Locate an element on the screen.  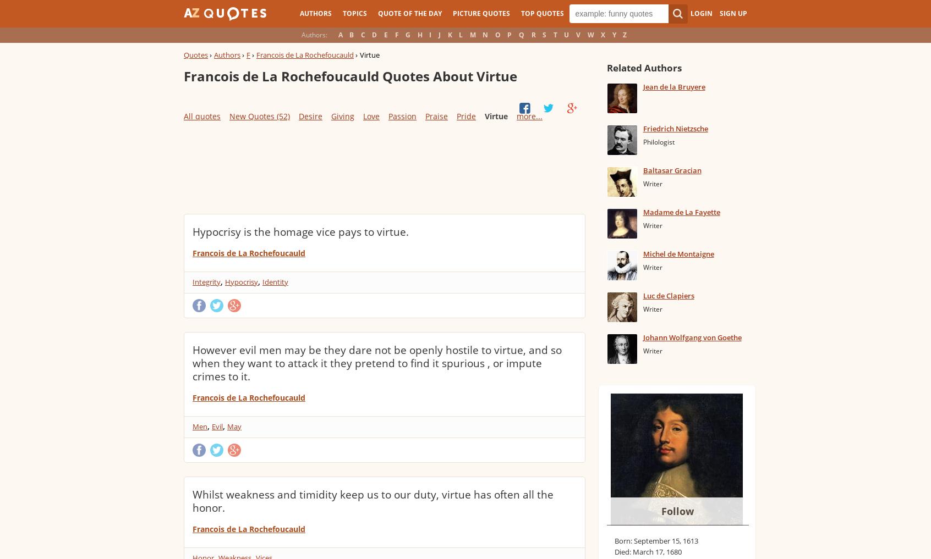
'Michel de Montaigne' is located at coordinates (678, 253).